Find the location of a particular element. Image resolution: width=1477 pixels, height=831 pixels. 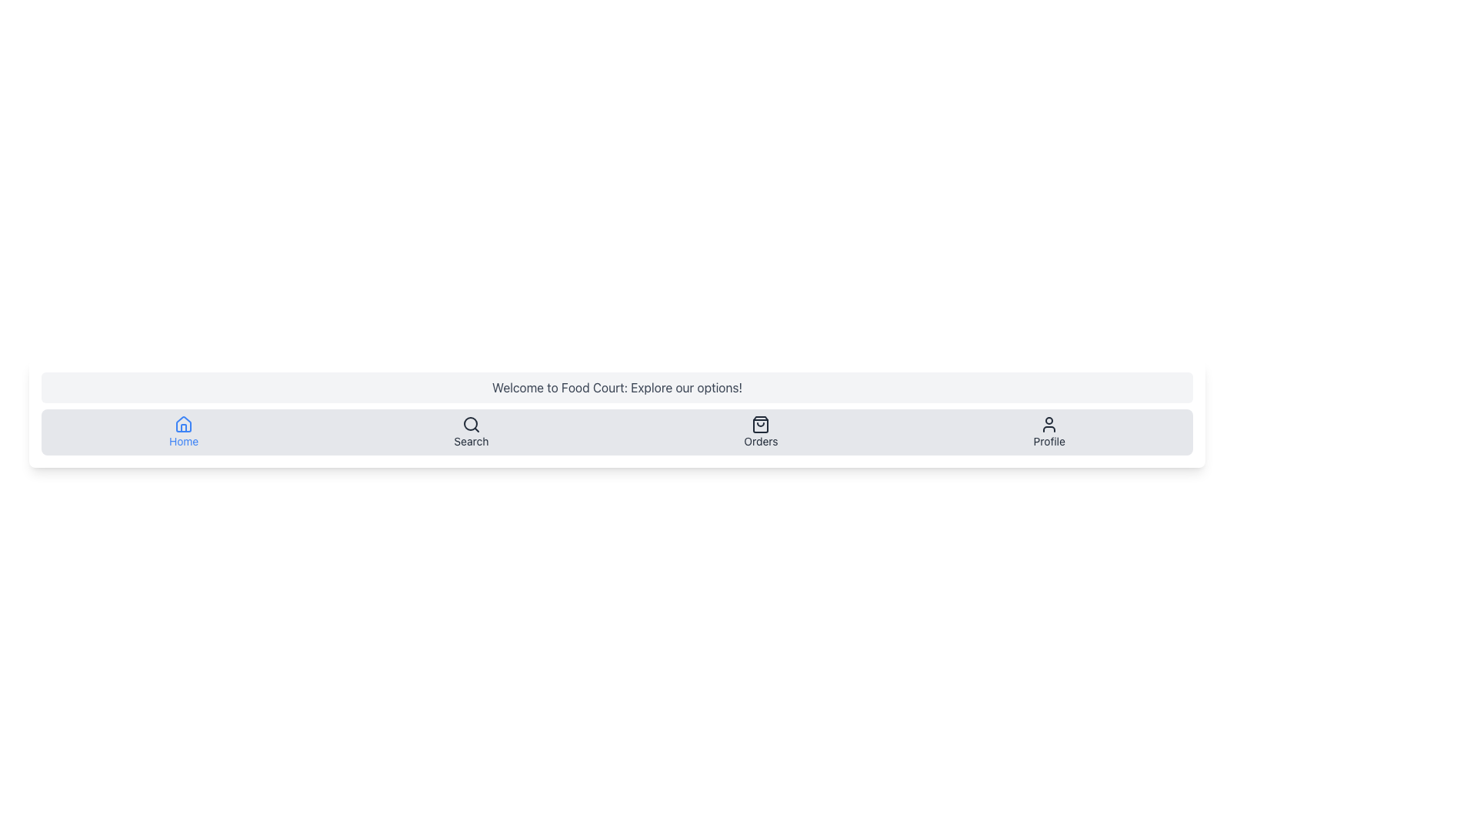

the 'Home' button in the navigation bar is located at coordinates (184, 432).